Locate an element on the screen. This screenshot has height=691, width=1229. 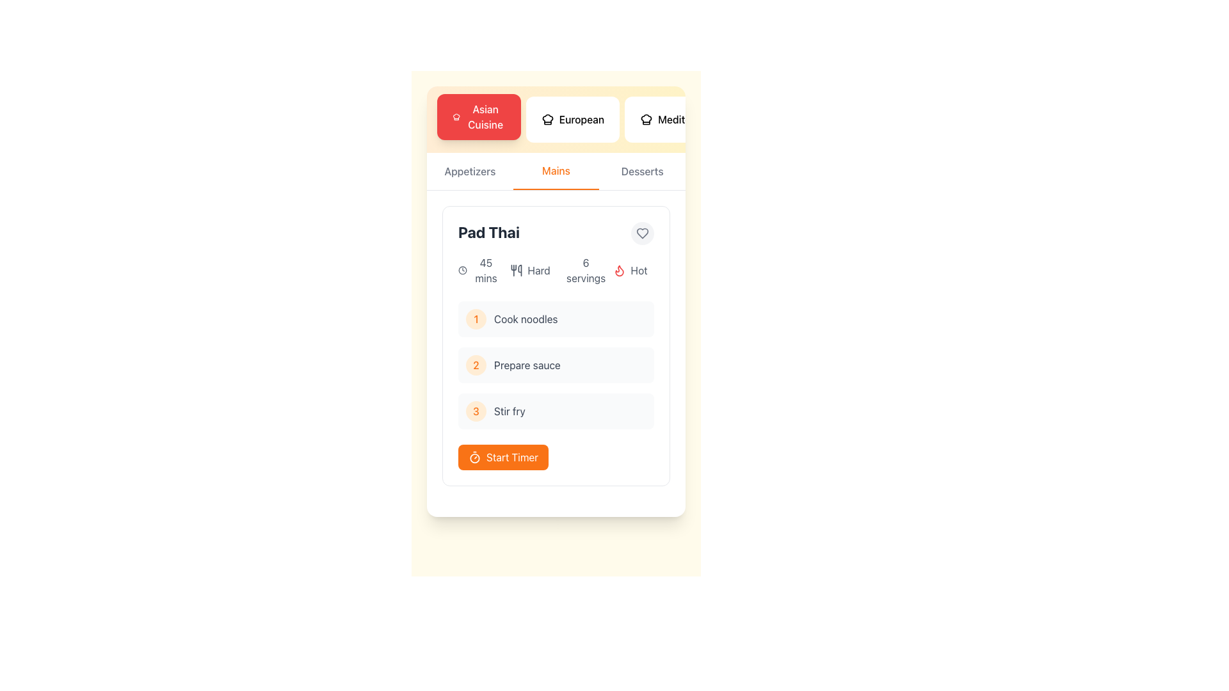
the Task item labeled 'Cook noodles' in the sequential task list is located at coordinates (556, 318).